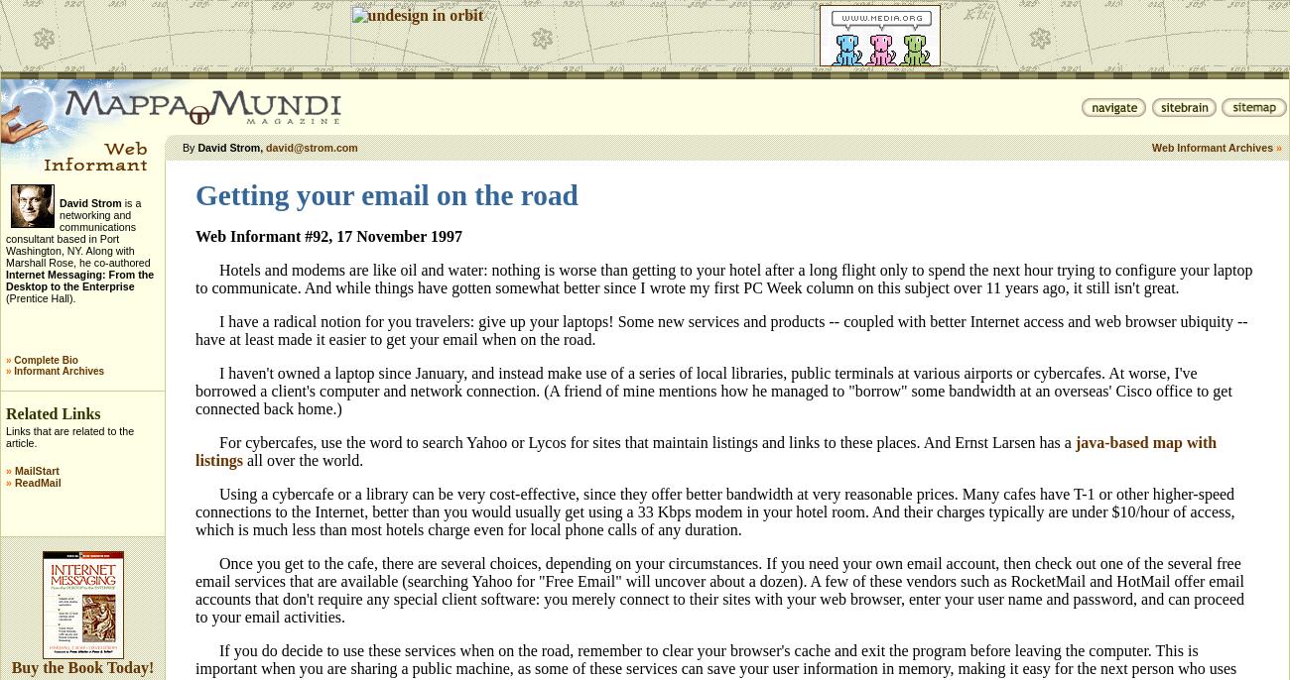 Image resolution: width=1290 pixels, height=680 pixels. Describe the element at coordinates (713, 390) in the screenshot. I see `'I haven't owned a laptop since January, and instead make use of a series of local libraries, public terminals
at various airports or cybercafes. At worse, I've borrowed a client's computer and network connection. (A friend of mine mentions how he managed to "borrow" some bandwidth at an overseas' Cisco office to get
connected back home.)'` at that location.